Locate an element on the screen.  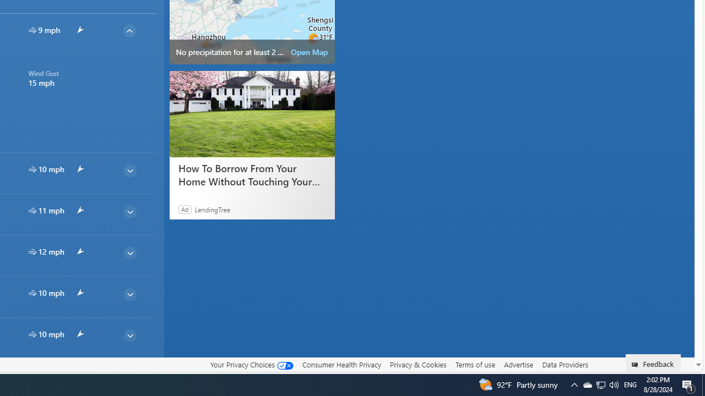
'Consumer Health Privacy' is located at coordinates (341, 364).